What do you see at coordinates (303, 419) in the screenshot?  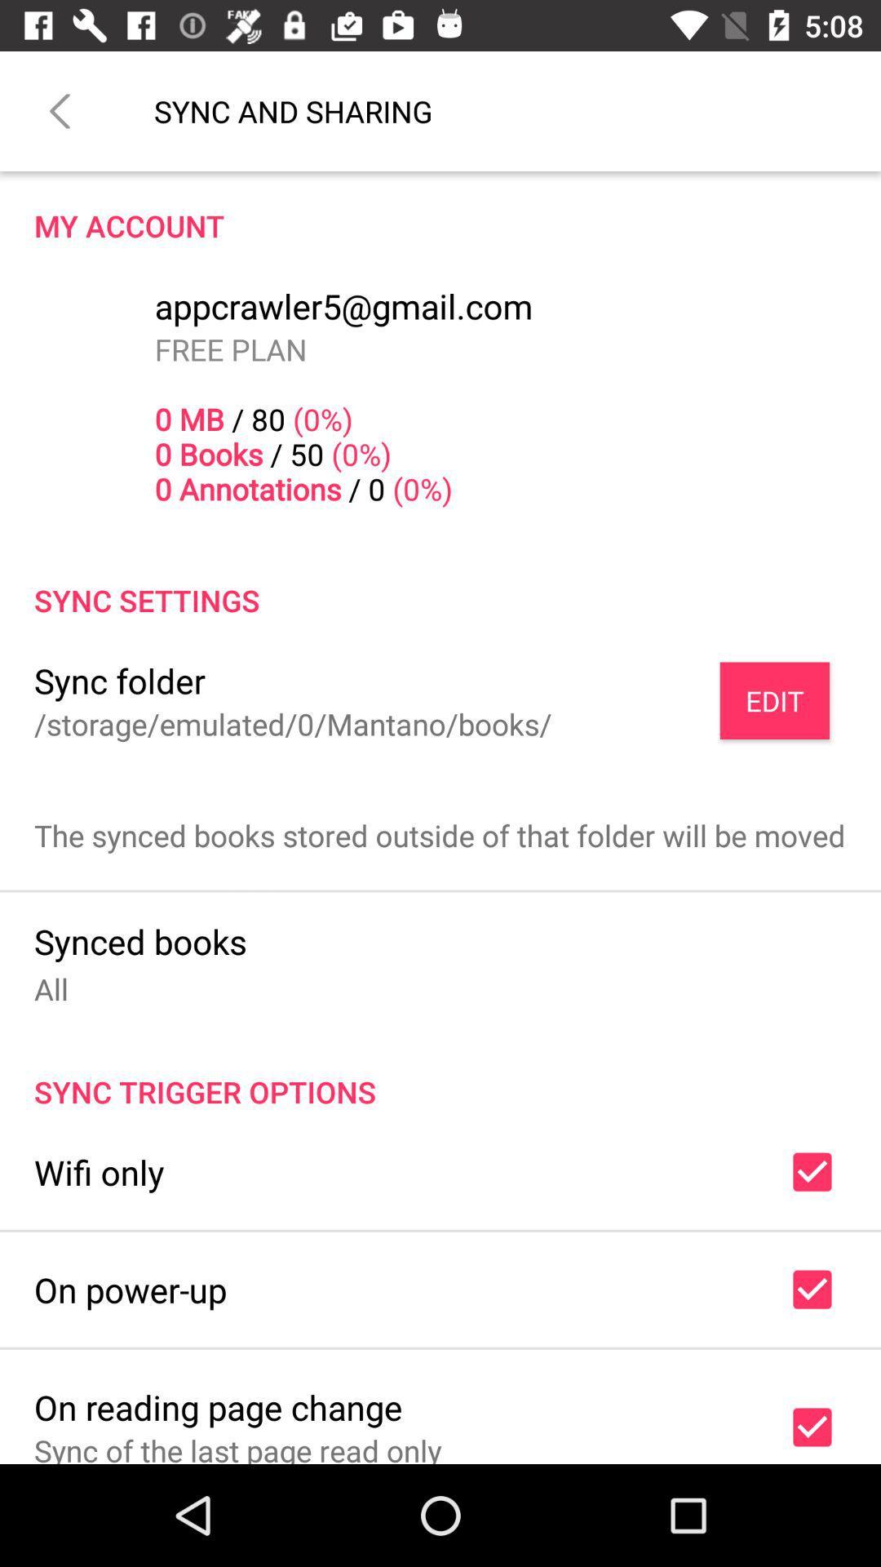 I see `free plan 0 icon` at bounding box center [303, 419].